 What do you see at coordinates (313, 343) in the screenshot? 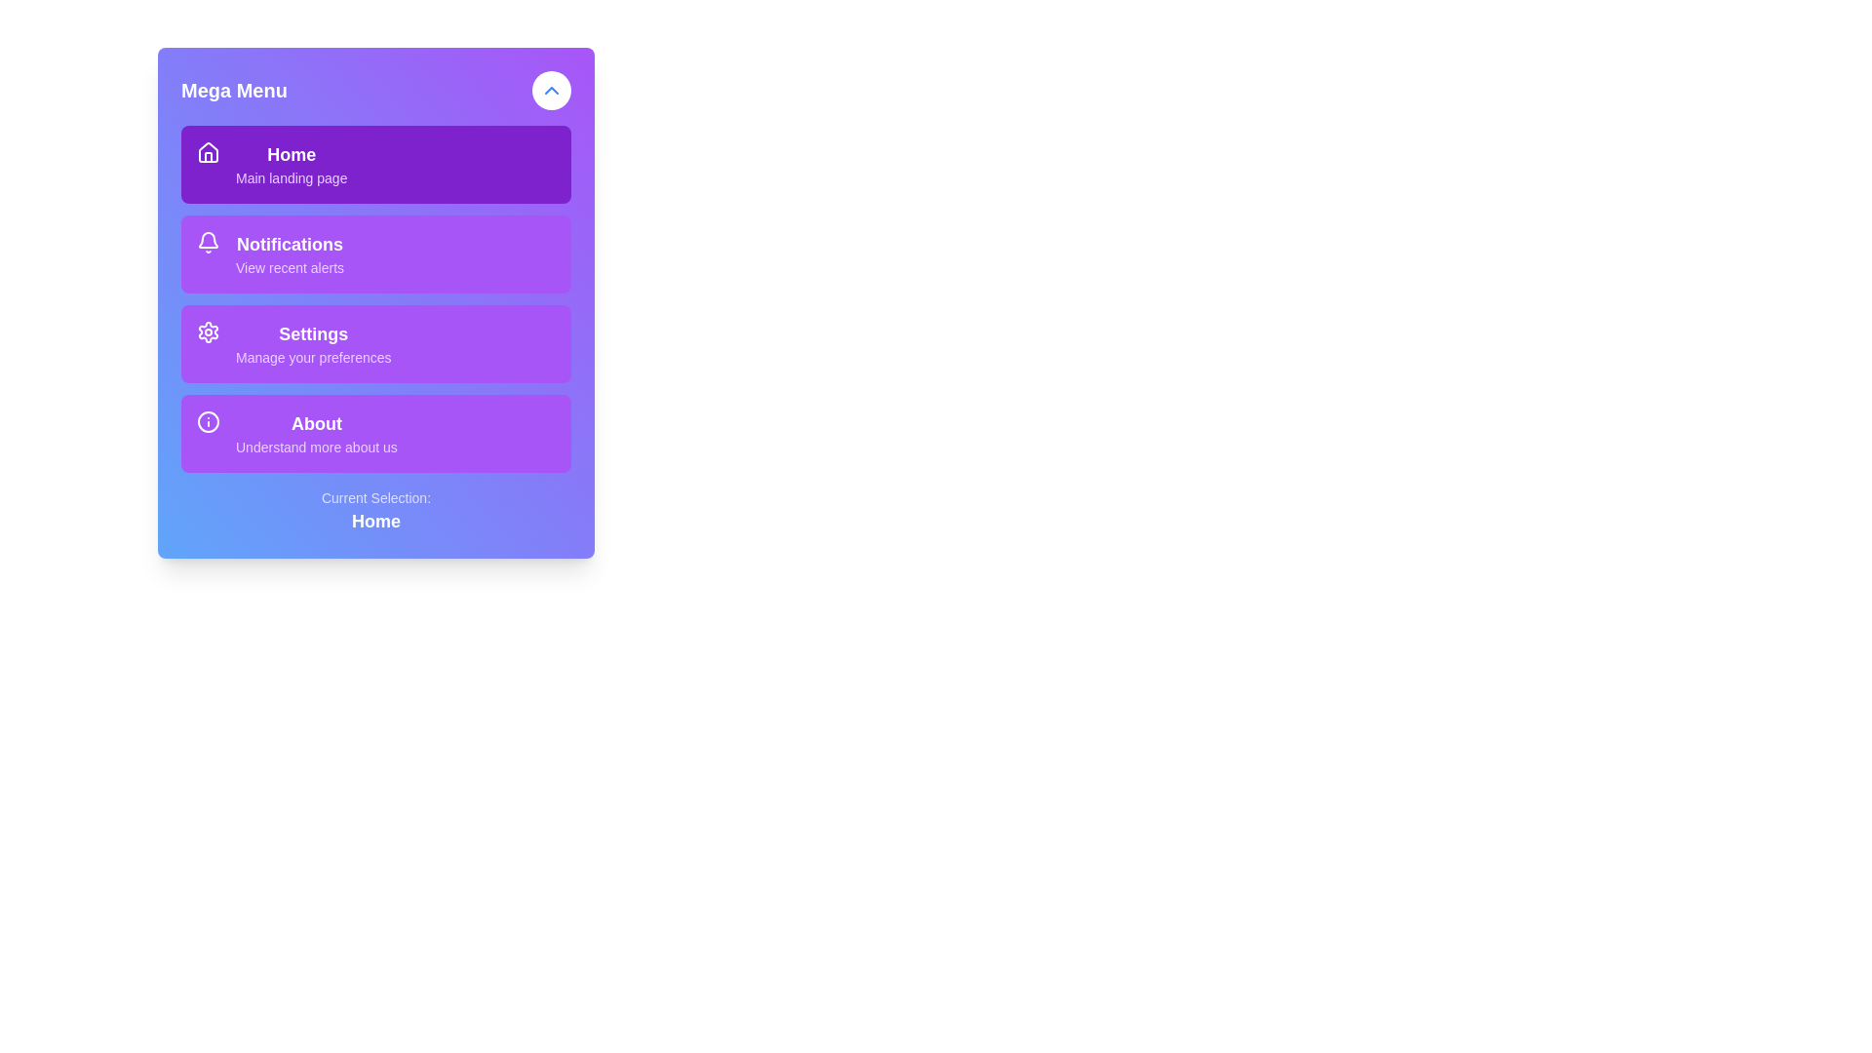
I see `the 'Settings' text label, which is the third item in a vertical list of menu options within a purple-themed sidebar` at bounding box center [313, 343].